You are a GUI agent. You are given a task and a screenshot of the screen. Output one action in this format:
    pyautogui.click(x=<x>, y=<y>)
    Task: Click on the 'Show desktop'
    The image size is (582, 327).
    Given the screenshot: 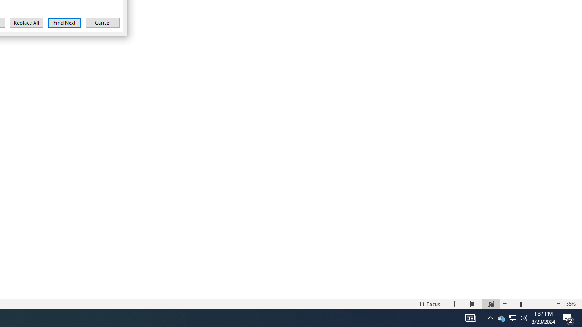 What is the action you would take?
    pyautogui.click(x=580, y=317)
    